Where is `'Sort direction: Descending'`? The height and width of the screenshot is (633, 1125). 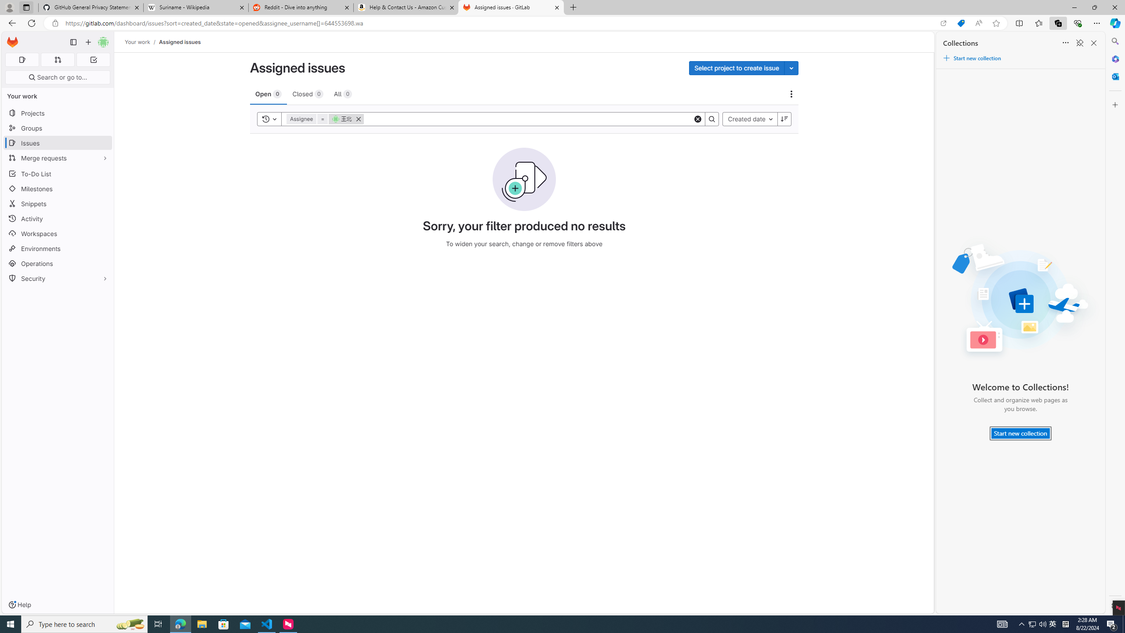
'Sort direction: Descending' is located at coordinates (784, 118).